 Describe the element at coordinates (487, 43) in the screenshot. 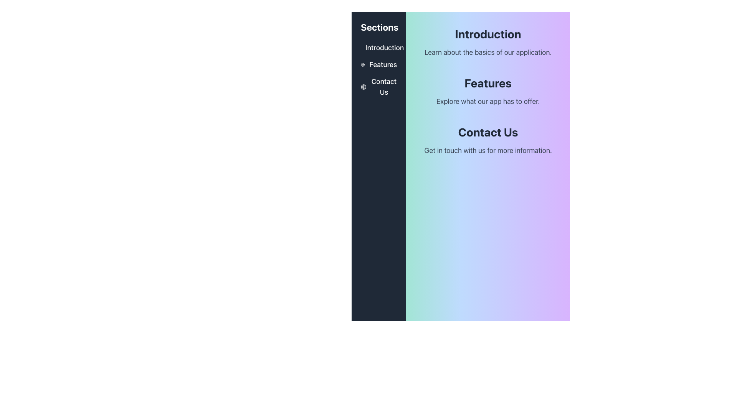

I see `the 'Introduction' header element, which features bold text and a subtitle on a gradient background, located at the top of the right column` at that location.